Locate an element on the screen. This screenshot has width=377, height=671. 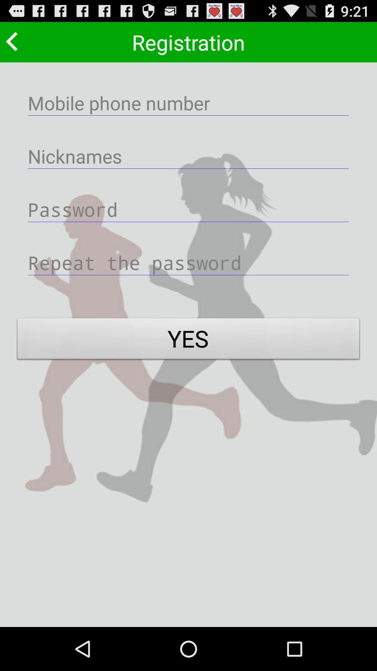
field to repeat the password is located at coordinates (188, 262).